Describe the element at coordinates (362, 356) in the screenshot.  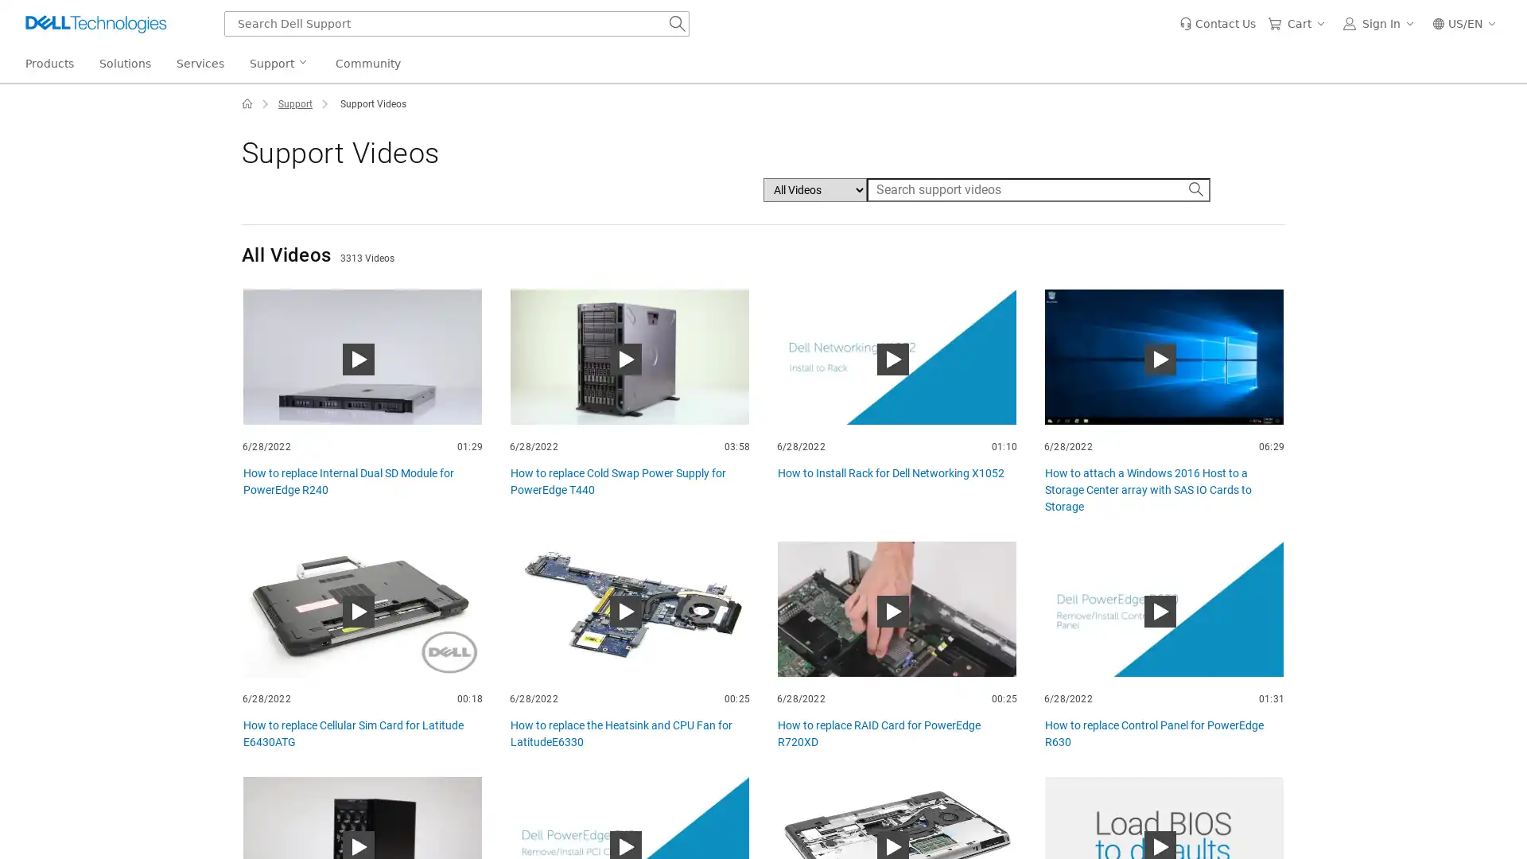
I see `How to replace Internal Dual SD Module for PowerEdge R240 Play` at that location.